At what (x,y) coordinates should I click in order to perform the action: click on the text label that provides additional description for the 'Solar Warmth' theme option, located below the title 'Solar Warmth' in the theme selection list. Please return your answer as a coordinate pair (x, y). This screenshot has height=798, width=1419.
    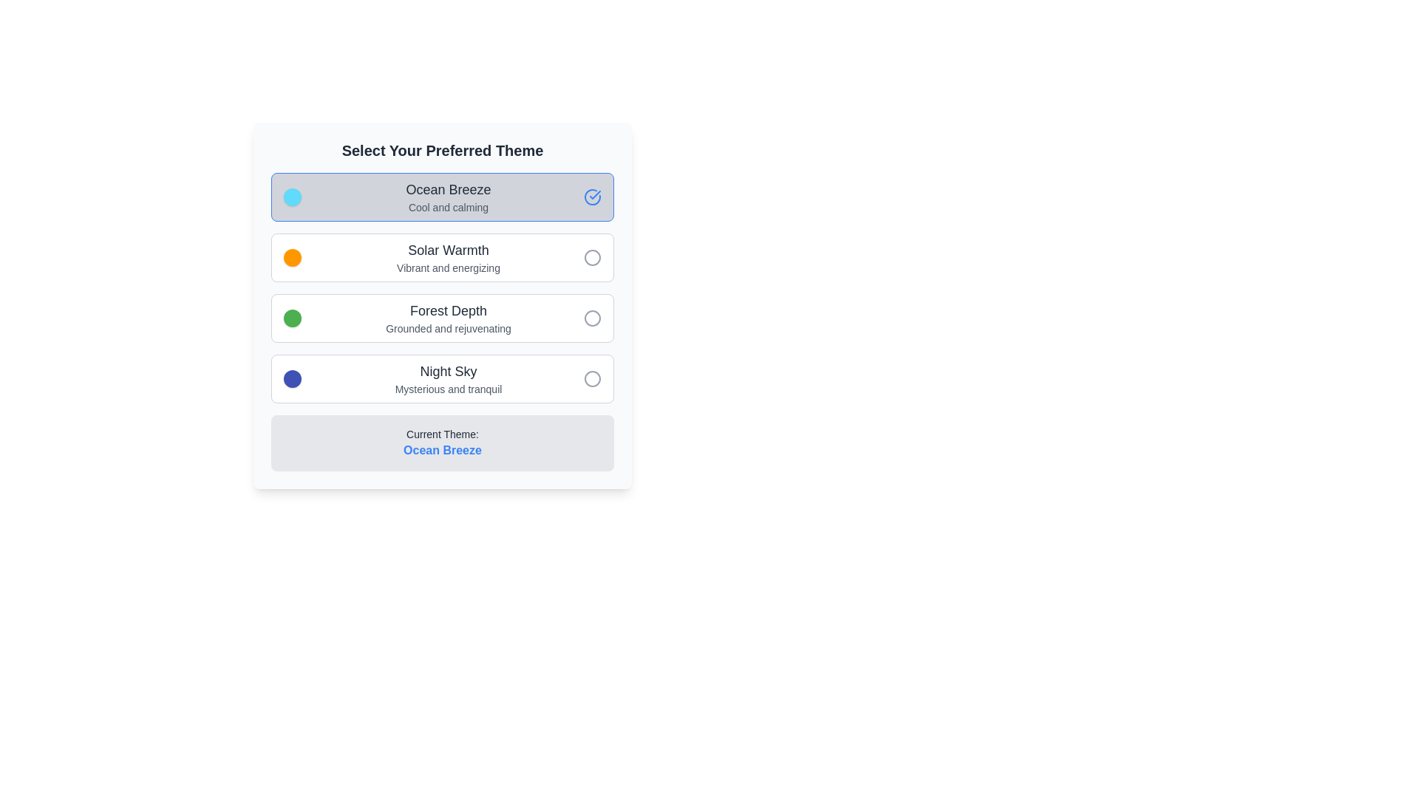
    Looking at the image, I should click on (447, 267).